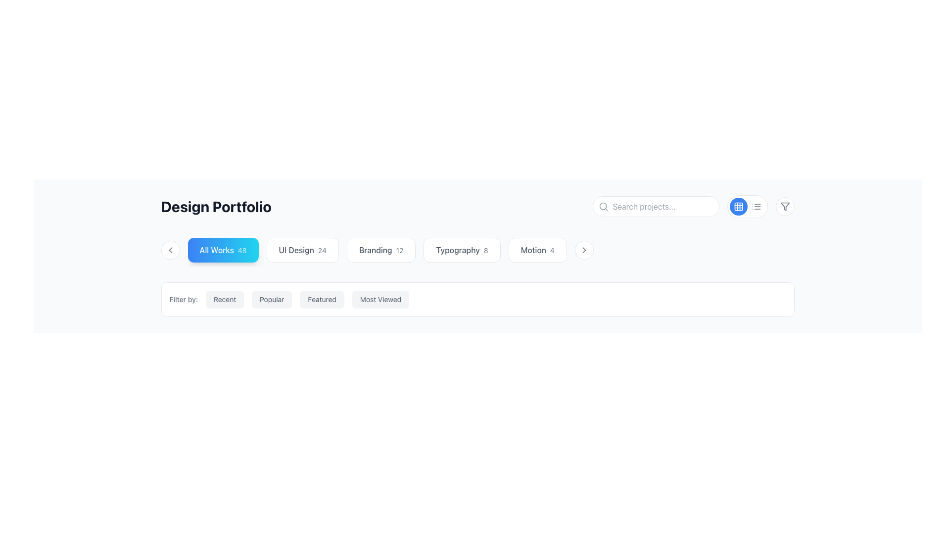 The height and width of the screenshot is (534, 950). I want to click on the first toggle button for layout selection that switches to grid view, so click(747, 206).